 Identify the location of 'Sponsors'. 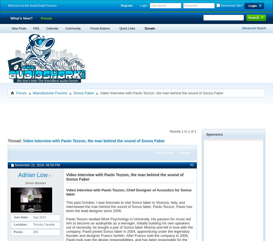
(214, 134).